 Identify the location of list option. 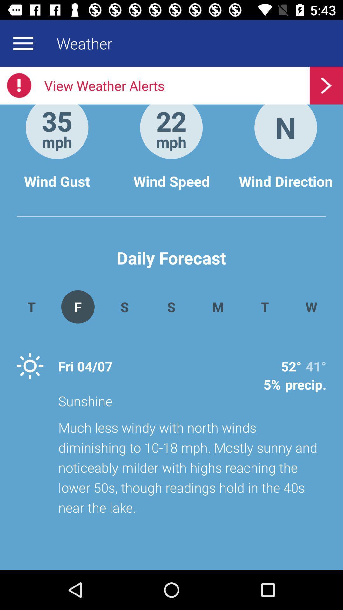
(23, 43).